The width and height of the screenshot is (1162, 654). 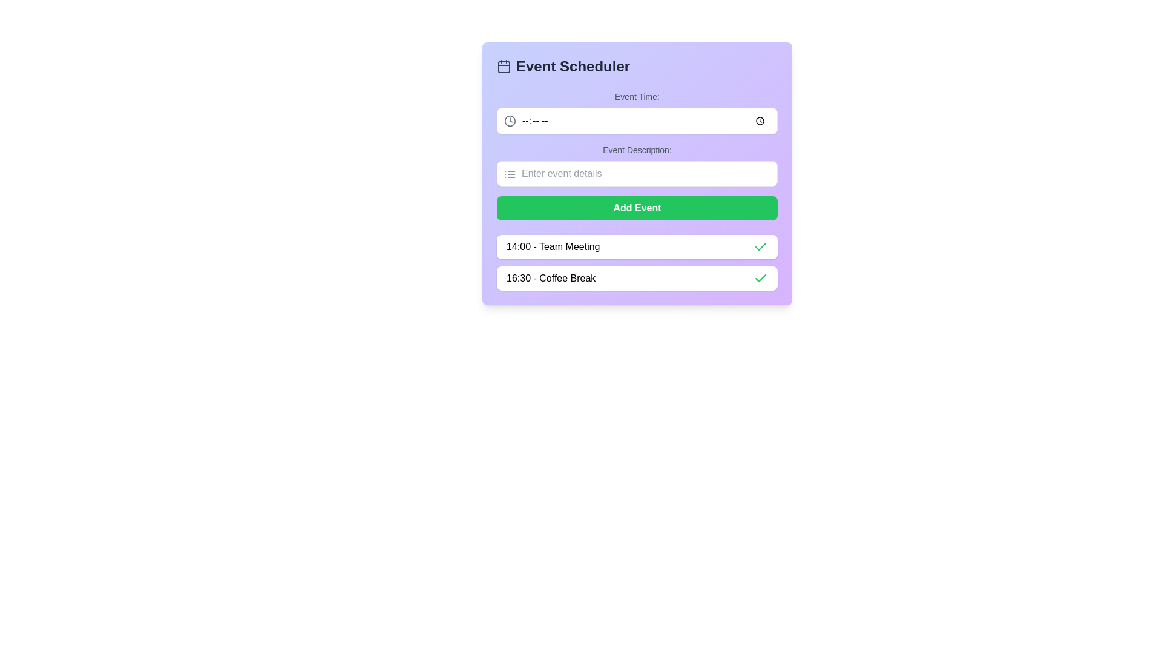 I want to click on the completion status icon located at the far right side of the '16:30 - Coffee Break' entry in the event list, so click(x=760, y=278).